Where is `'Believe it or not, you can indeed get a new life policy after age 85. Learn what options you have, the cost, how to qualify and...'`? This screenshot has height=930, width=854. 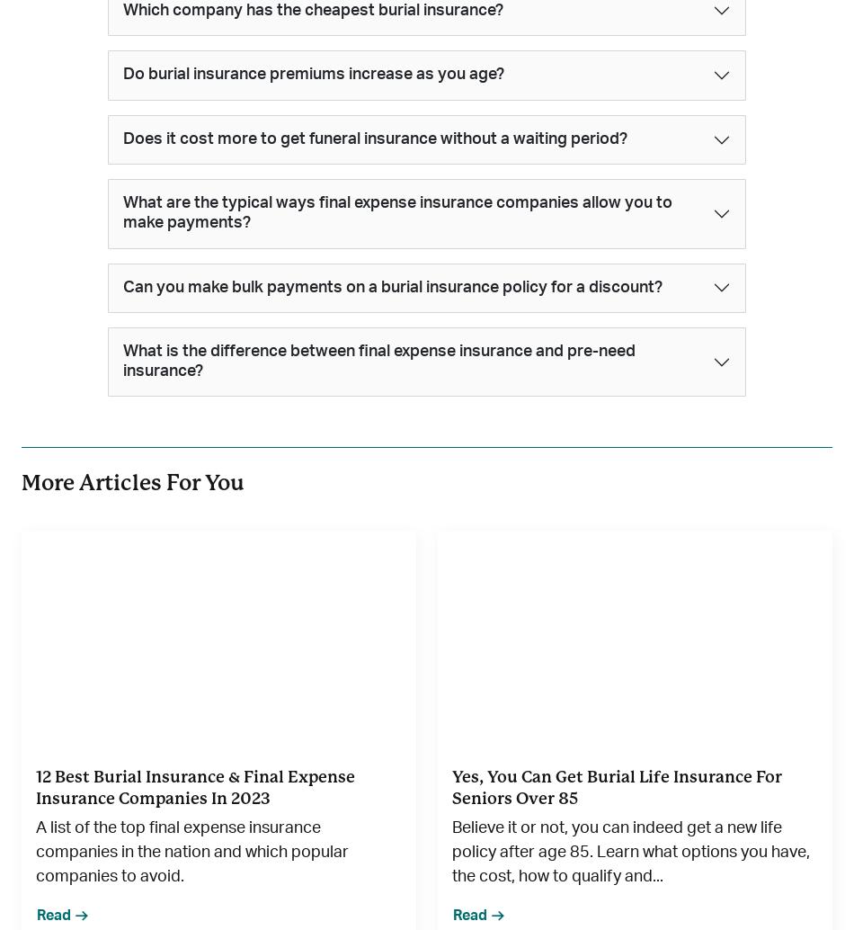 'Believe it or not, you can indeed get a new life policy after age 85. Learn what options you have, the cost, how to qualify and...' is located at coordinates (630, 851).